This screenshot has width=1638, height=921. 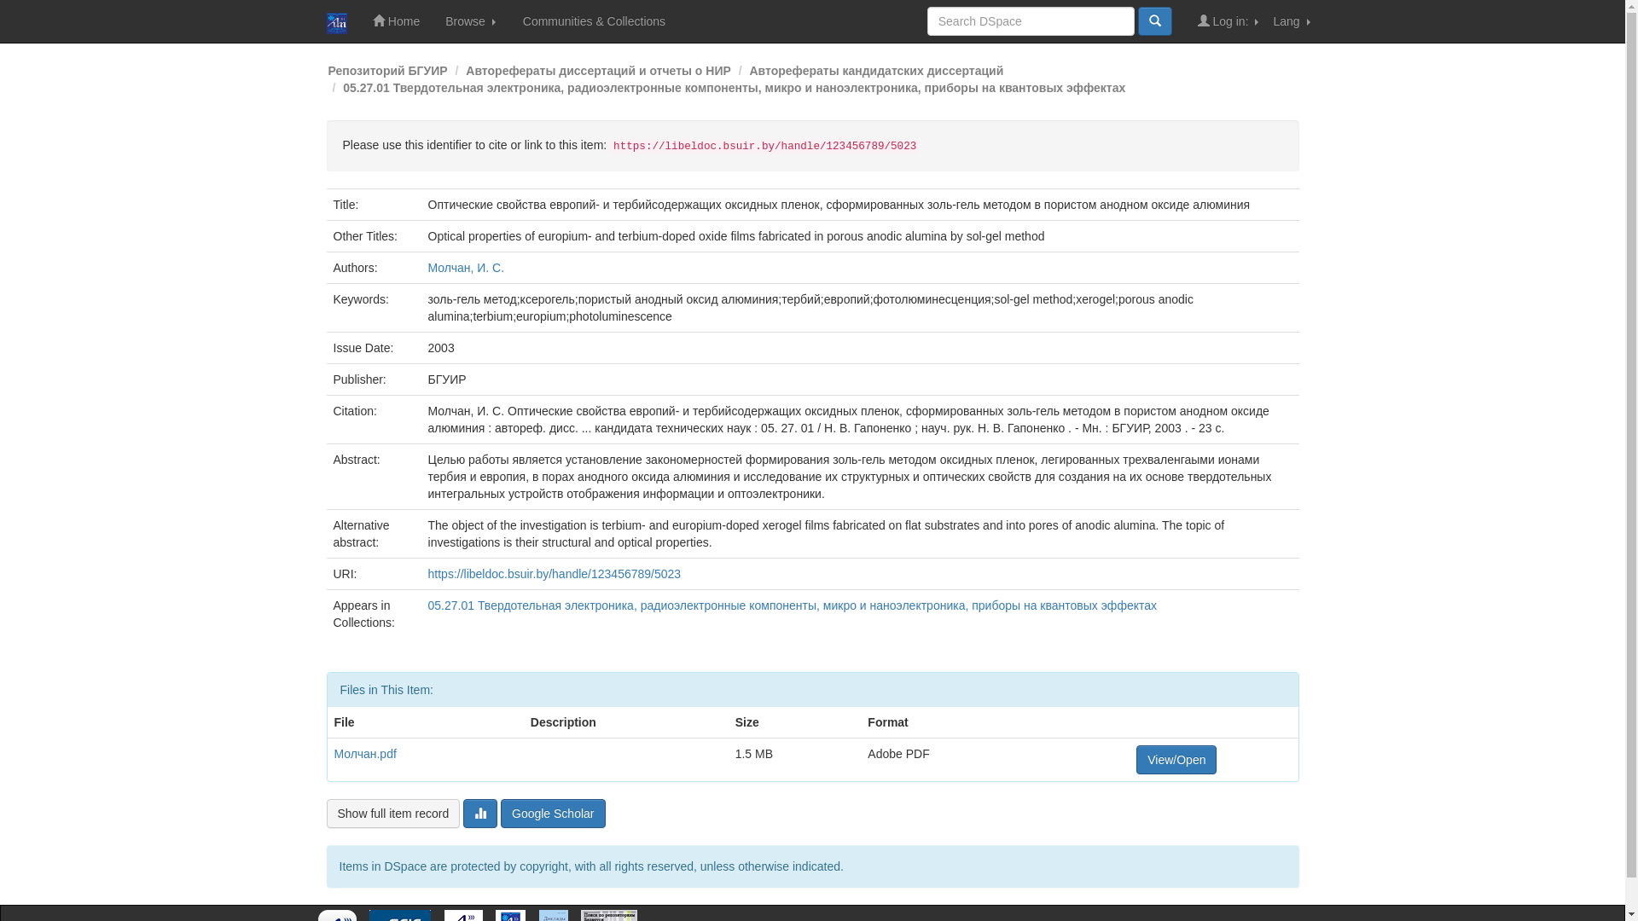 I want to click on 'Browse', so click(x=471, y=20).